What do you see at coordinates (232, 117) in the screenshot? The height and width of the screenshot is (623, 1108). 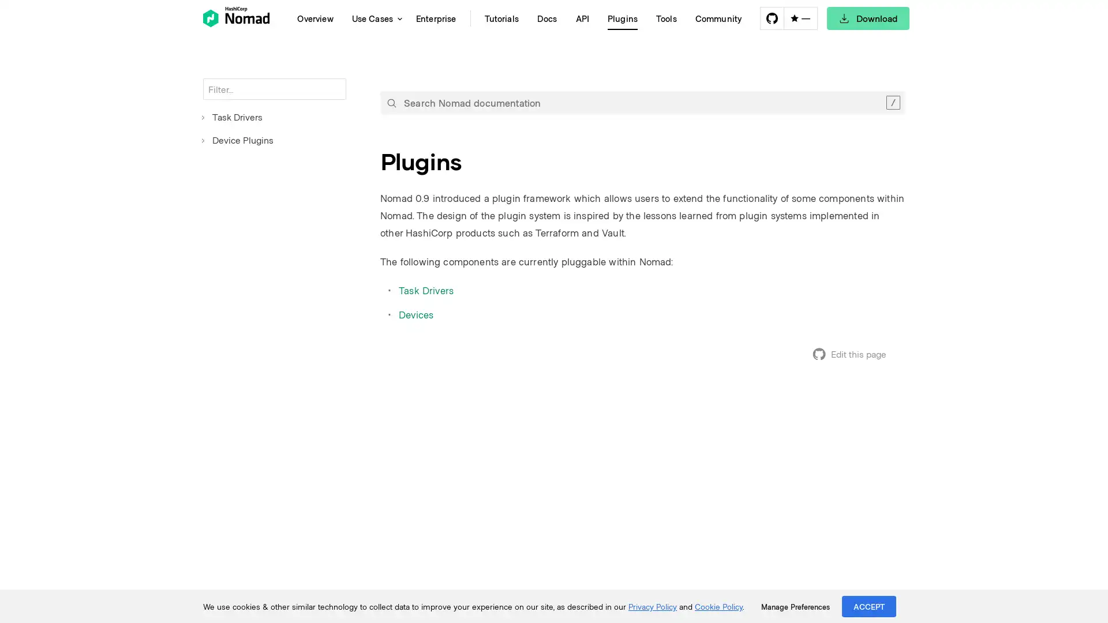 I see `Task Drivers` at bounding box center [232, 117].